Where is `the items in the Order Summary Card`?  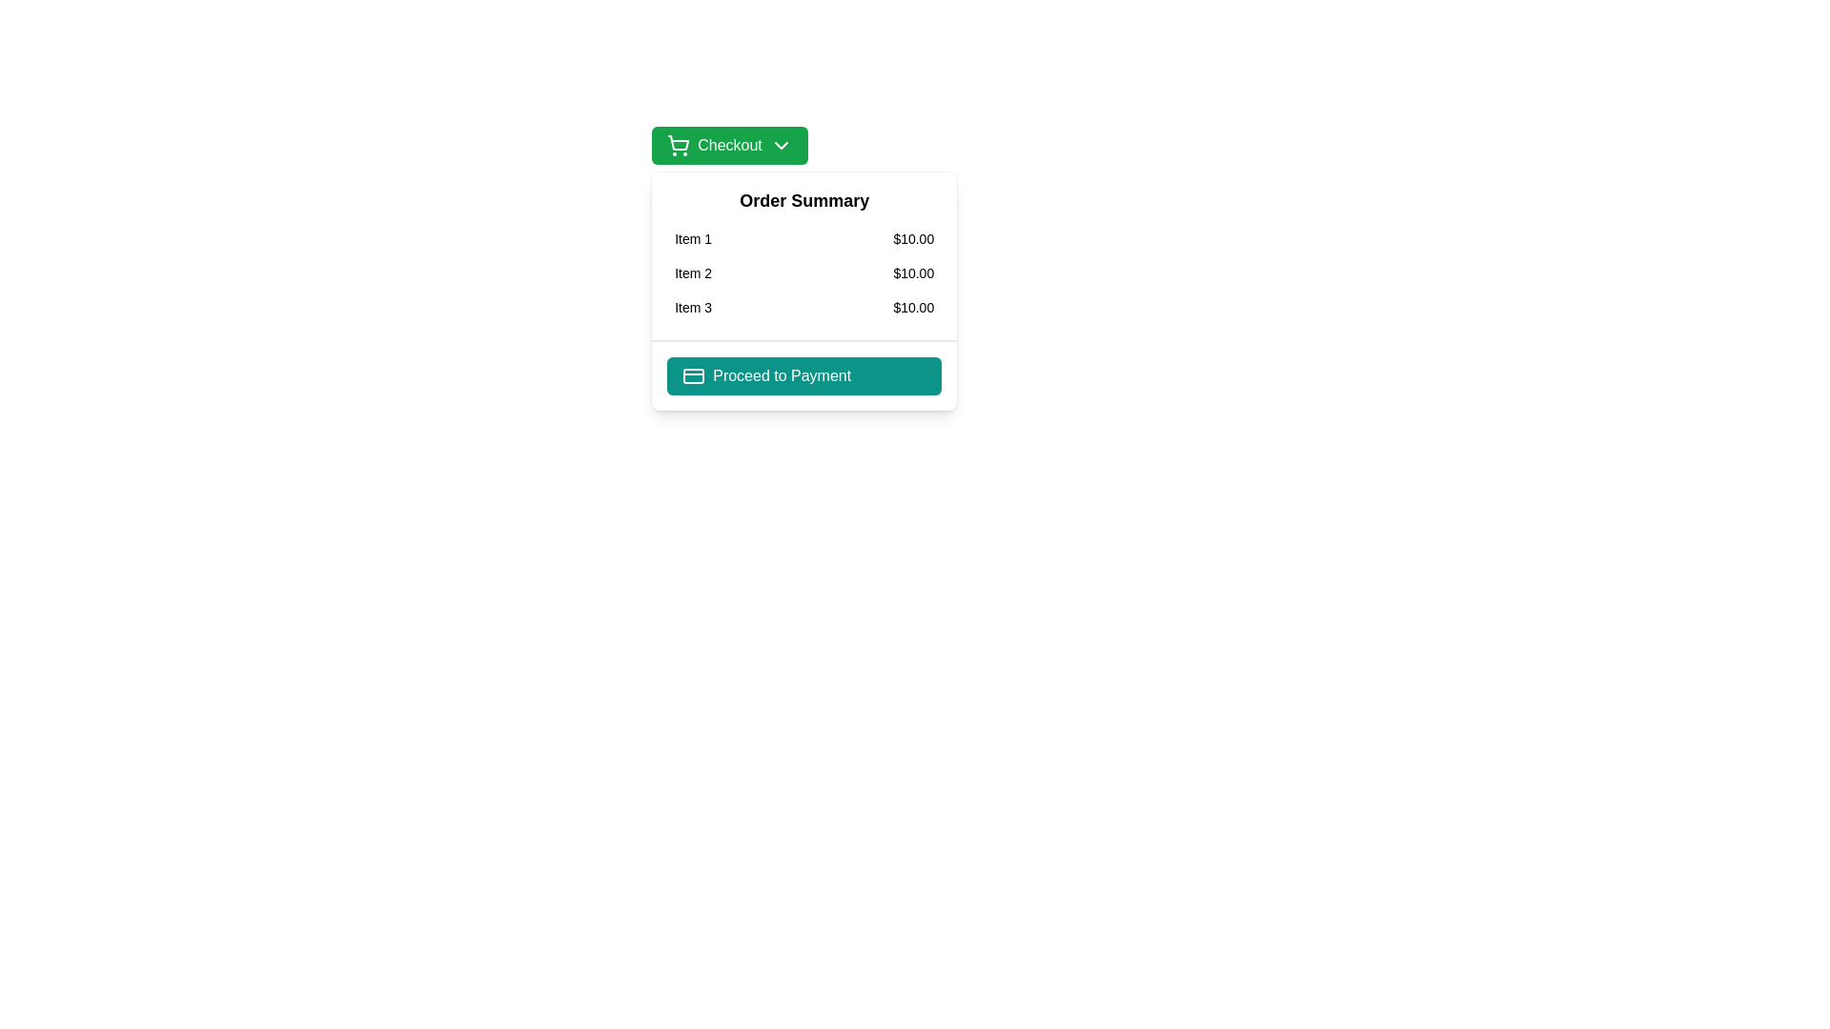 the items in the Order Summary Card is located at coordinates (804, 291).